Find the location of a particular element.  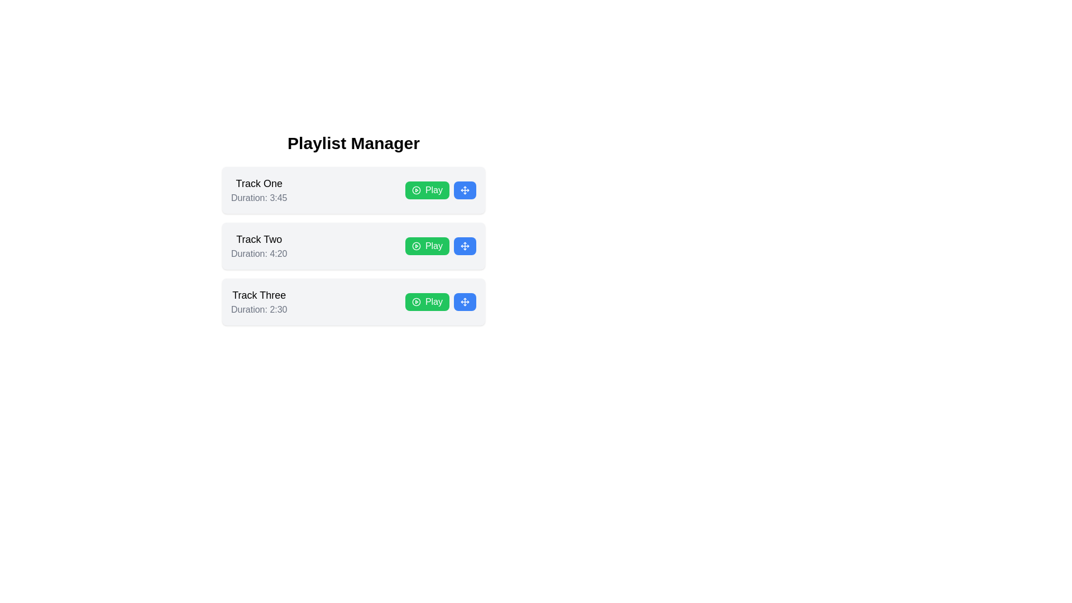

the blue rounded rectangle button with a white move icon is located at coordinates (465, 189).